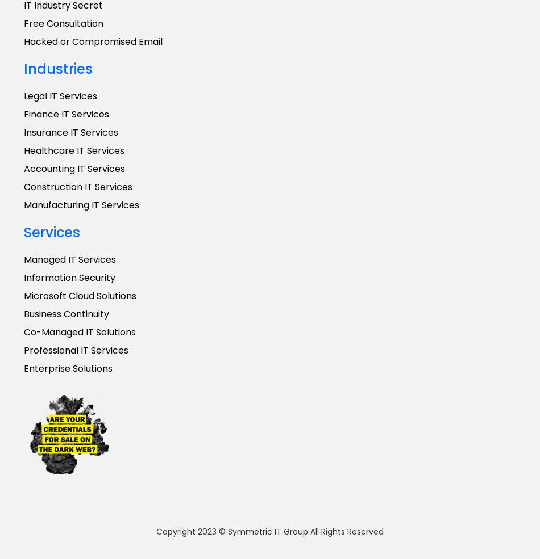 The image size is (540, 559). Describe the element at coordinates (67, 114) in the screenshot. I see `'Finance IT Services'` at that location.